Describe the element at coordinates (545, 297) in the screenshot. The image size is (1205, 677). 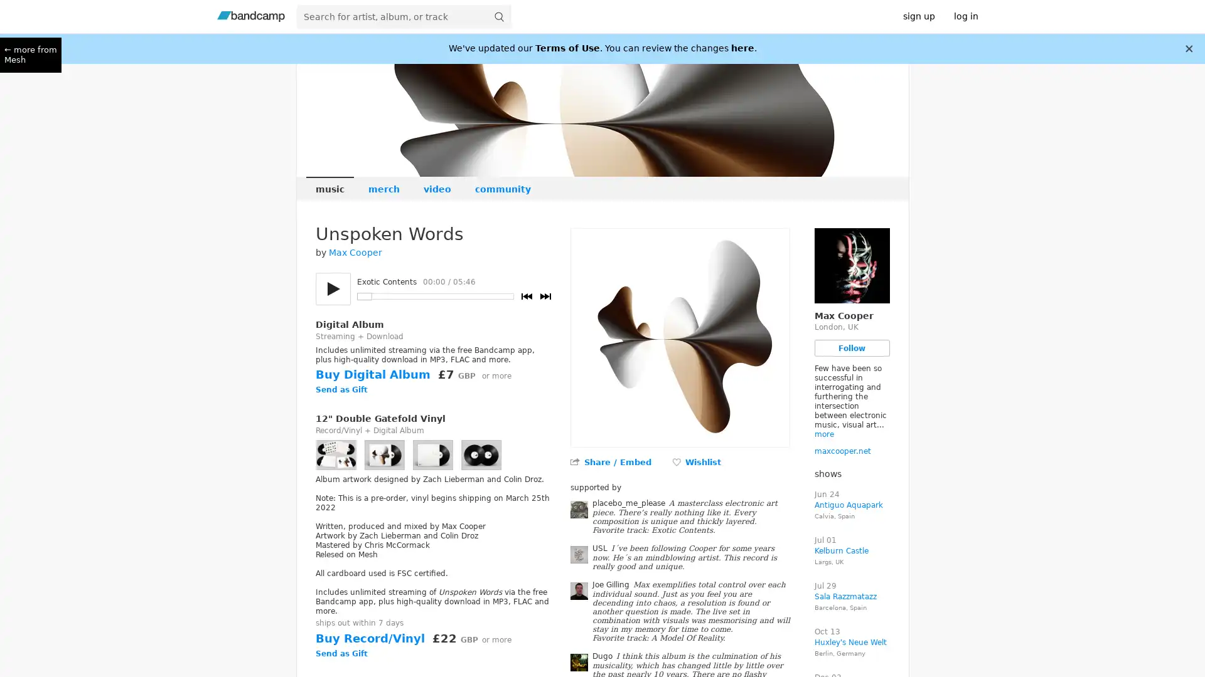
I see `Next track` at that location.